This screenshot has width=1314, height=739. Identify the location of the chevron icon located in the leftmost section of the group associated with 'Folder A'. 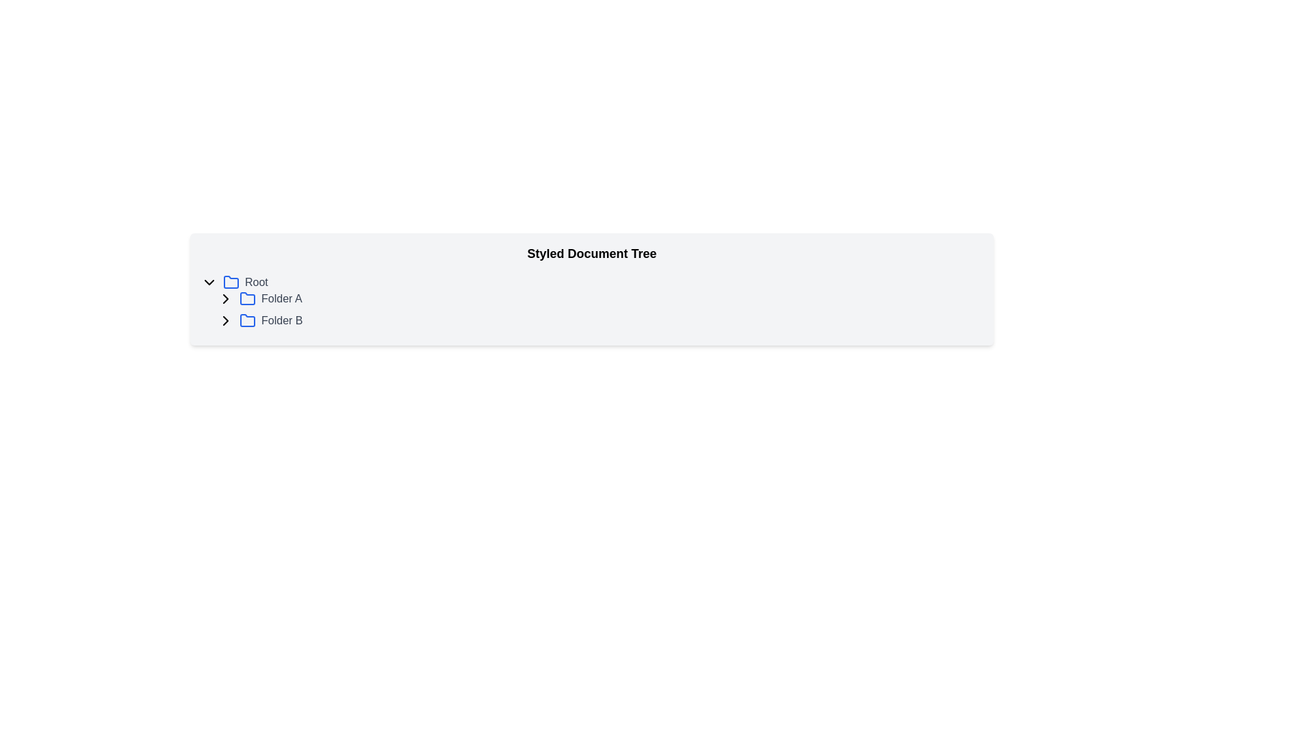
(226, 298).